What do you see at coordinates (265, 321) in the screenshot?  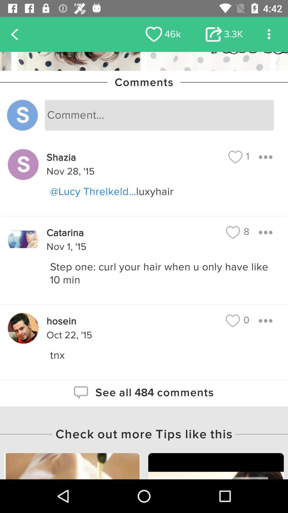 I see `click button` at bounding box center [265, 321].